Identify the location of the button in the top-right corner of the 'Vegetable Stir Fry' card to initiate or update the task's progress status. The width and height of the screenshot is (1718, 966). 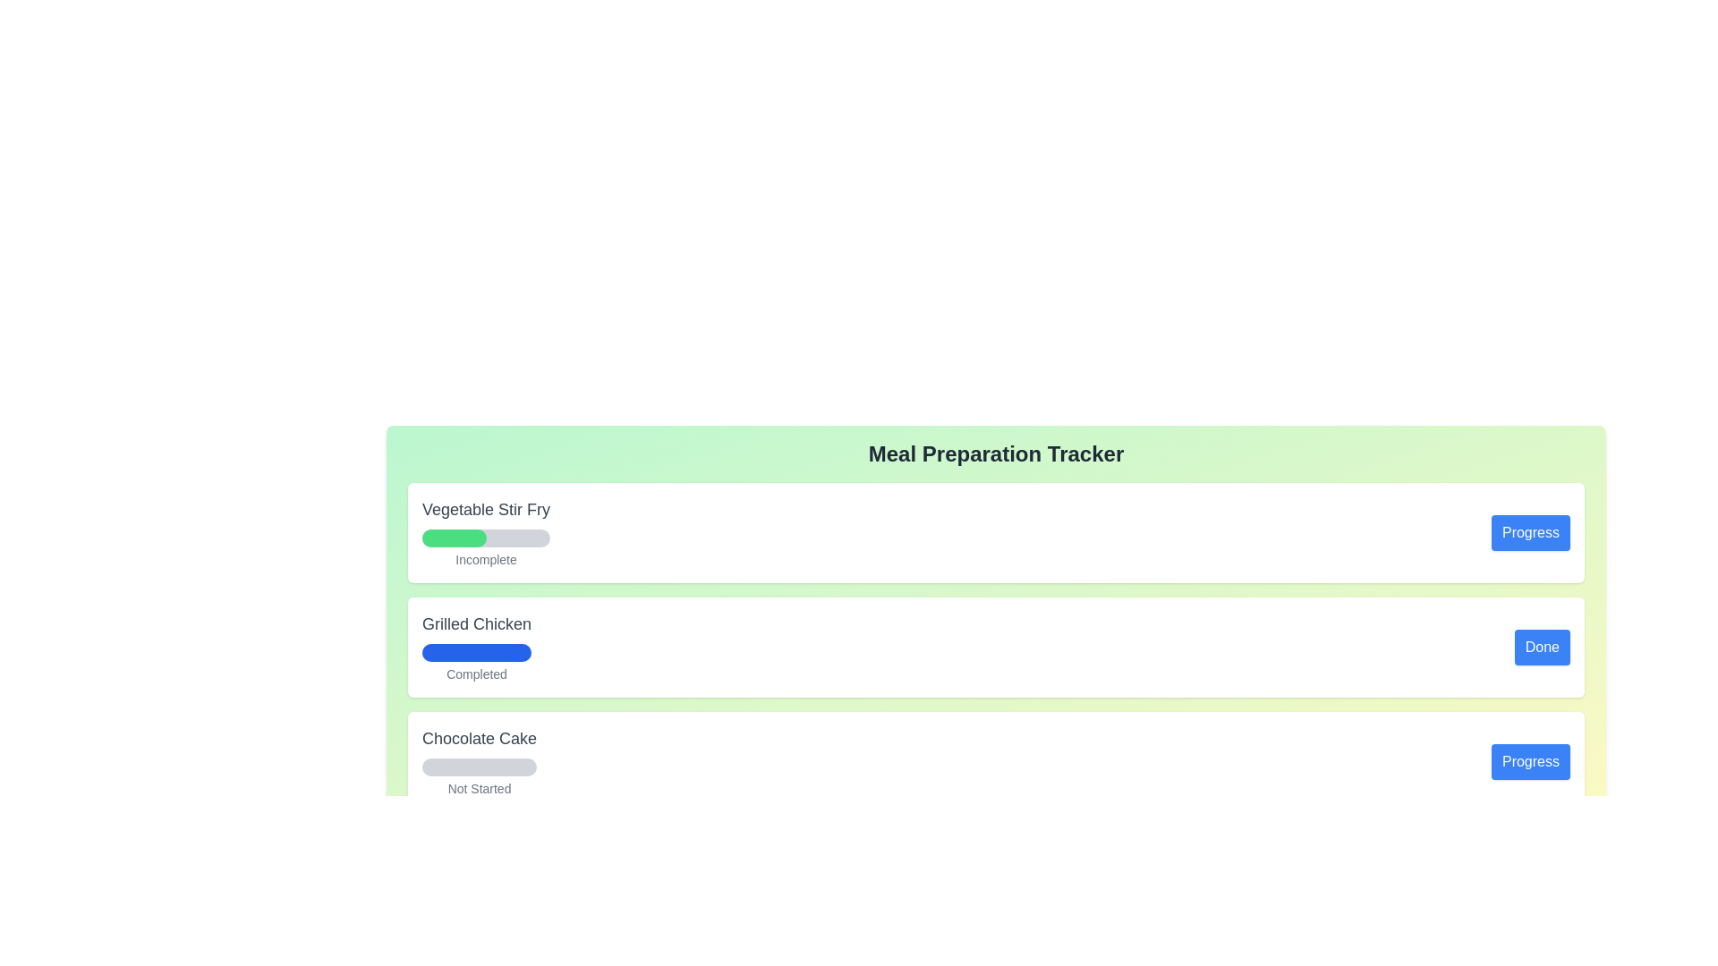
(1529, 532).